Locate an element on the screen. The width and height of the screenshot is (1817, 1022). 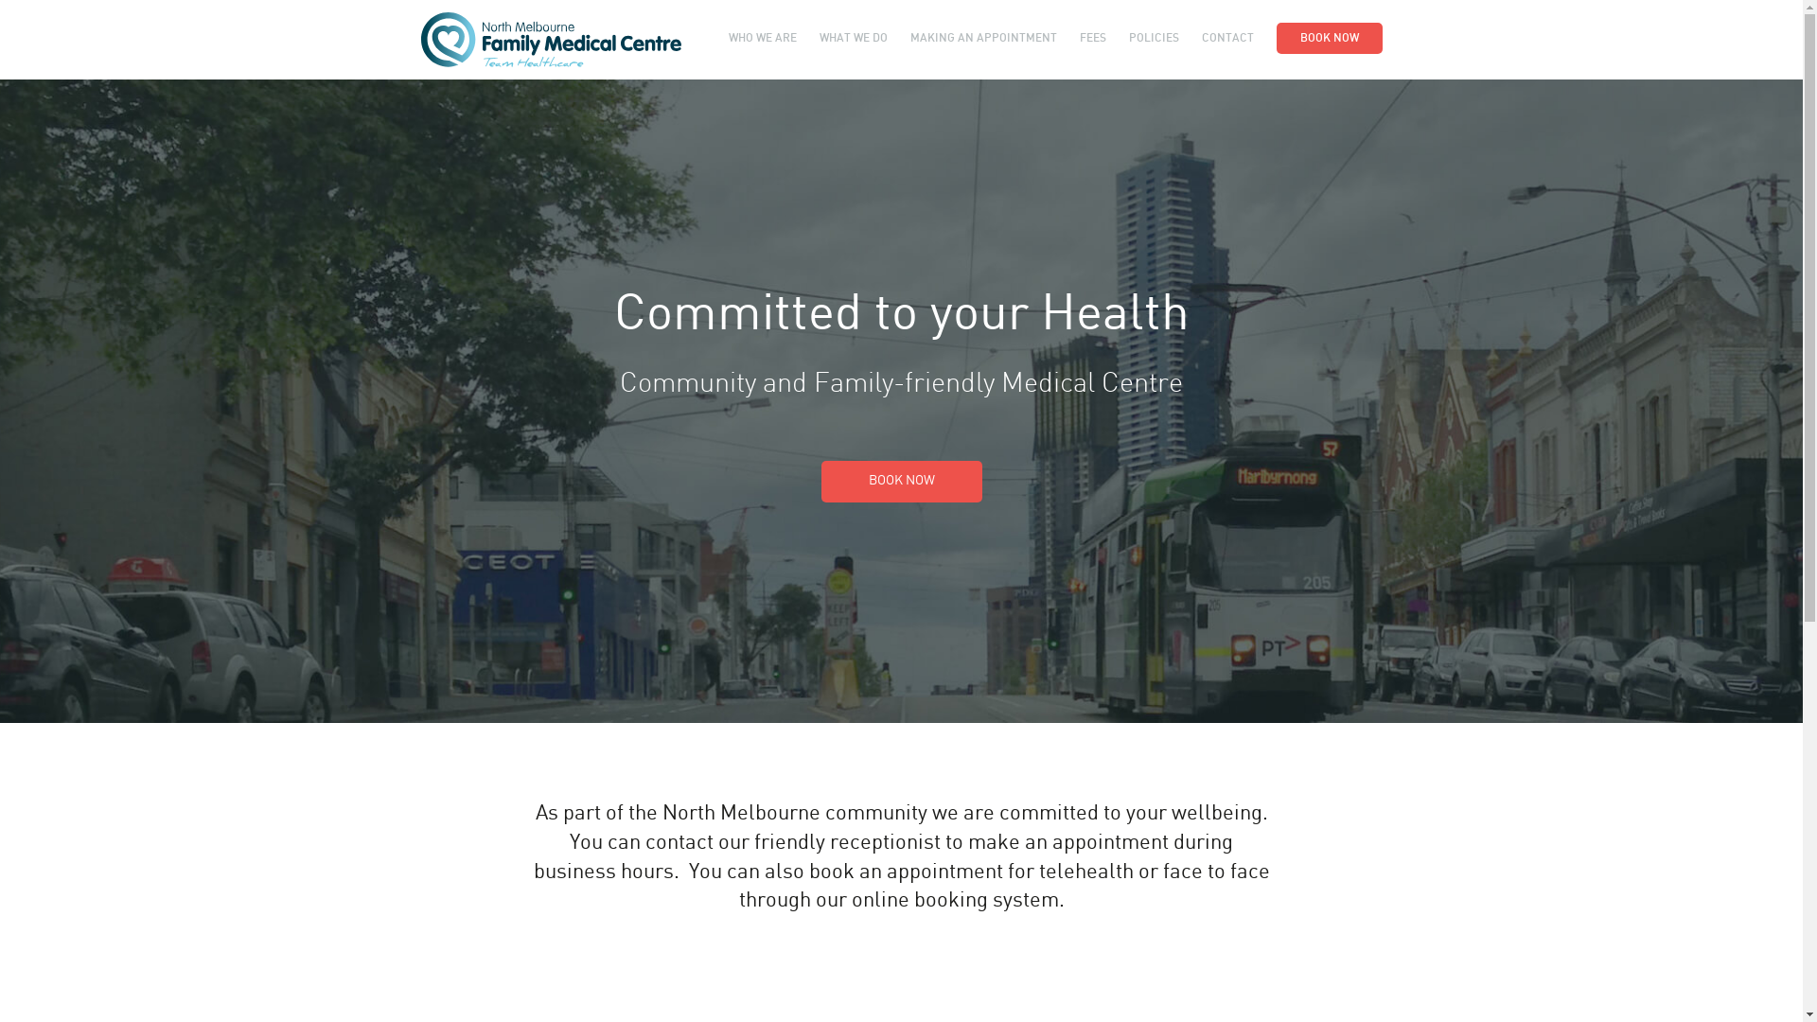
'BOOK NOW' is located at coordinates (1327, 38).